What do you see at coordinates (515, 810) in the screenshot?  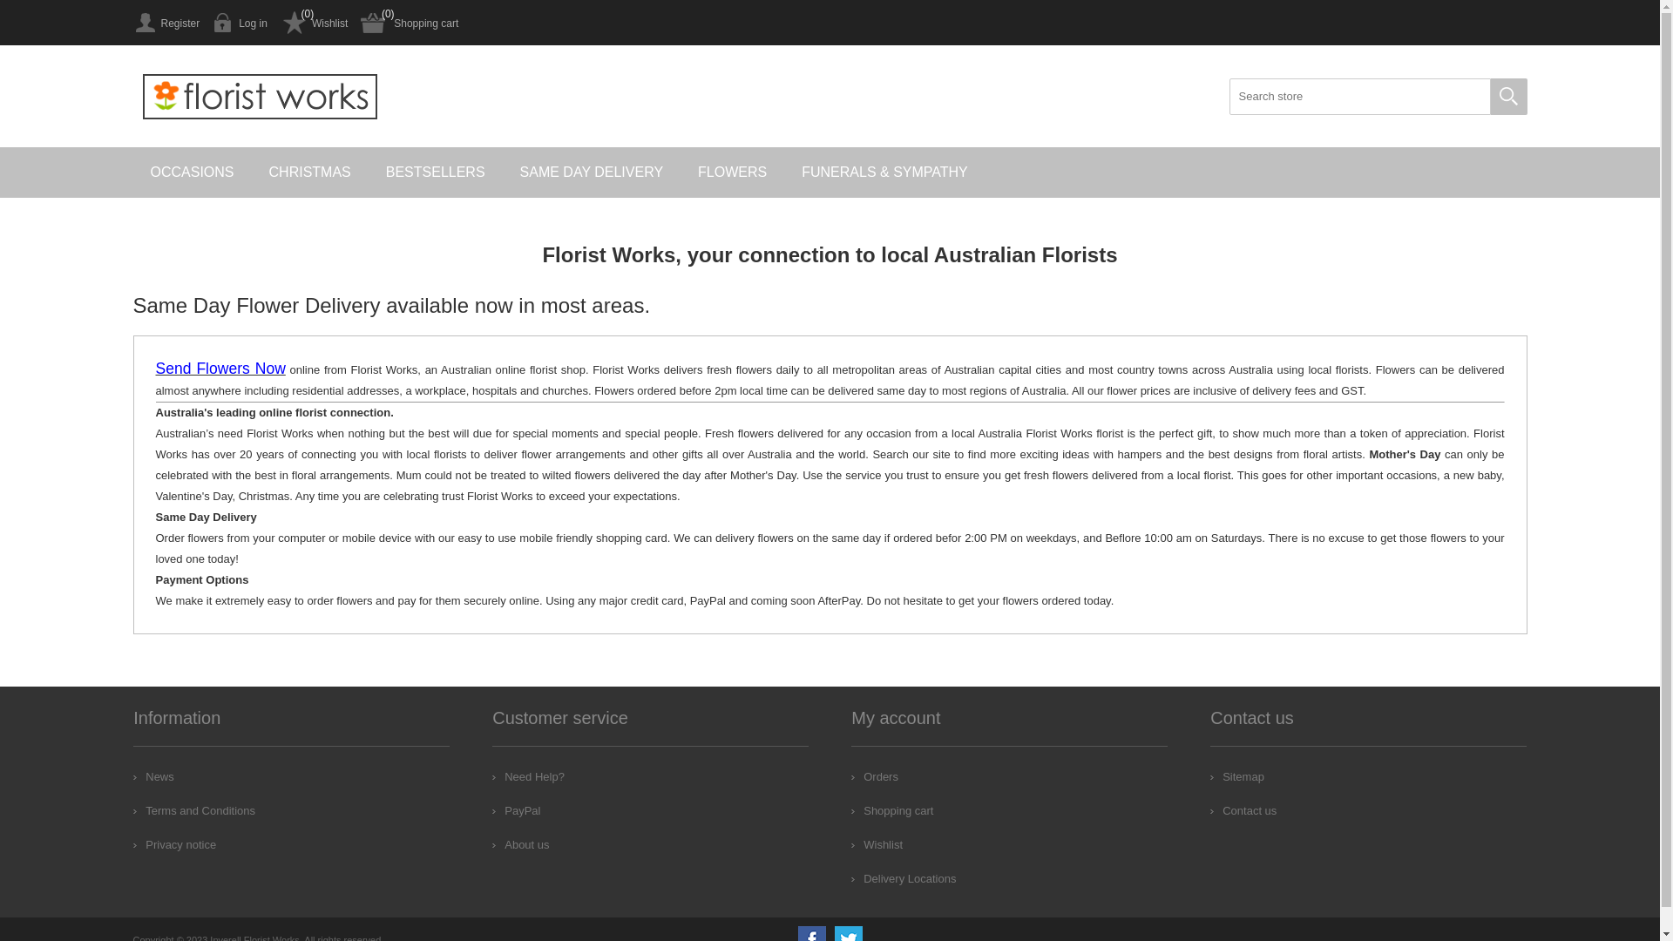 I see `'PayPal'` at bounding box center [515, 810].